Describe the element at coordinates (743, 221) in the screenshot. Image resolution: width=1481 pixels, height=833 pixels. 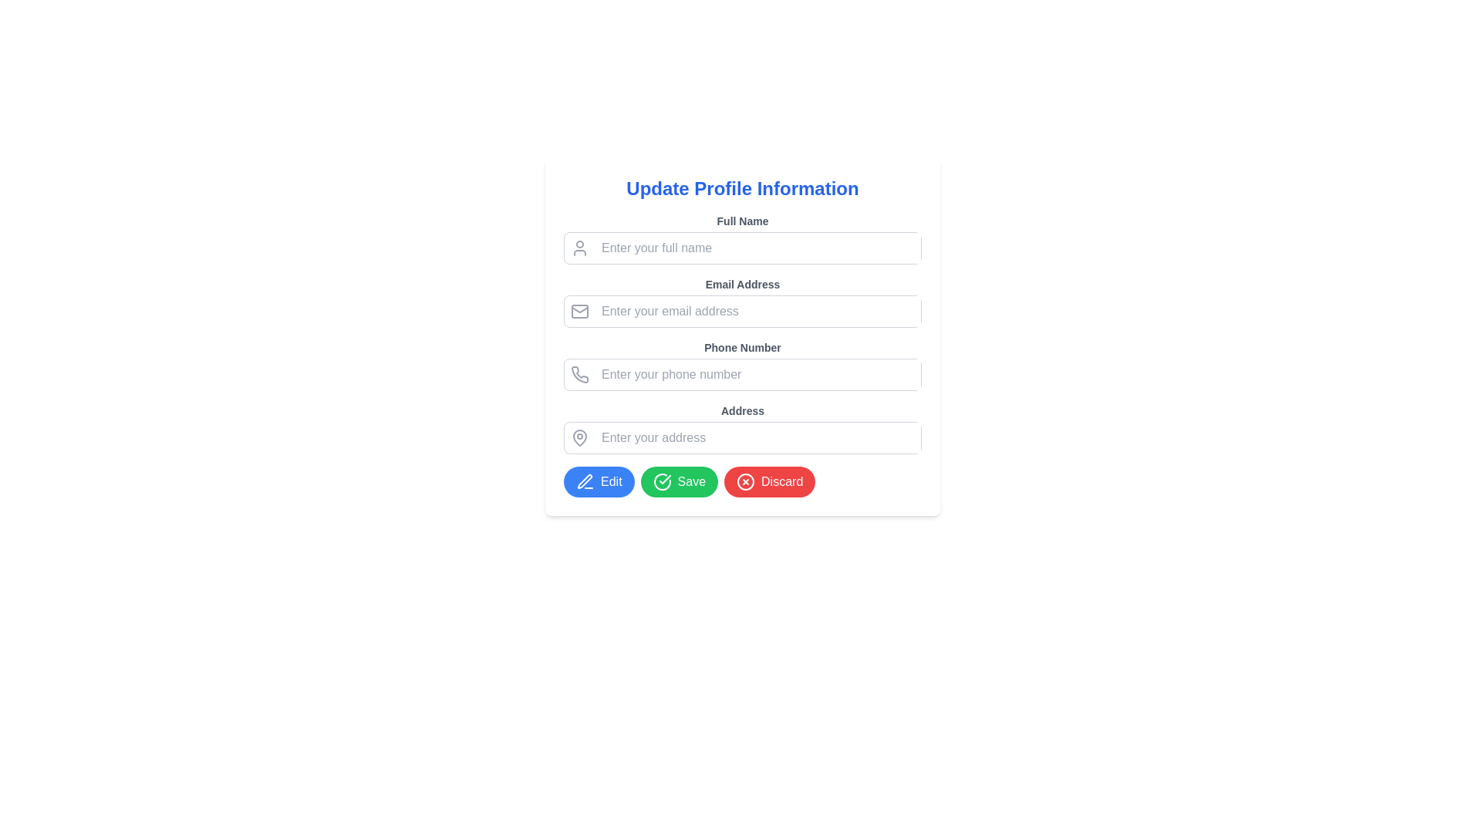
I see `the label displaying 'Full Name', which is part of the 'Update Profile Information' section, positioned above the corresponding text input field` at that location.